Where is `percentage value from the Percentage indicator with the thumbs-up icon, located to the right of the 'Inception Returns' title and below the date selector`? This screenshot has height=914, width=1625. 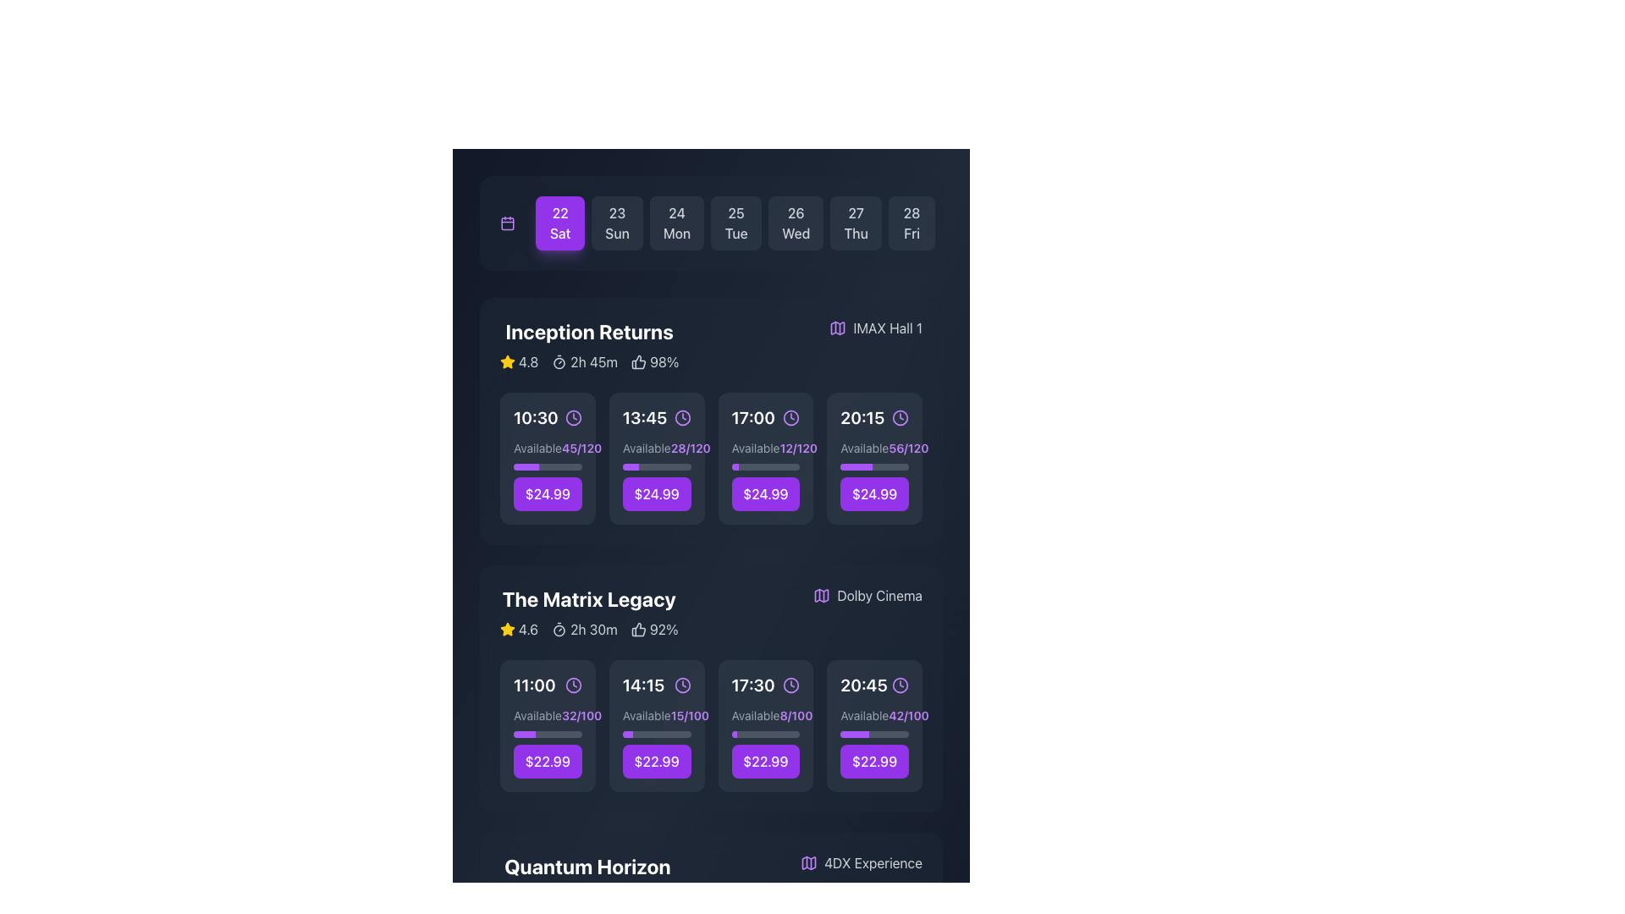 percentage value from the Percentage indicator with the thumbs-up icon, located to the right of the 'Inception Returns' title and below the date selector is located at coordinates (654, 361).